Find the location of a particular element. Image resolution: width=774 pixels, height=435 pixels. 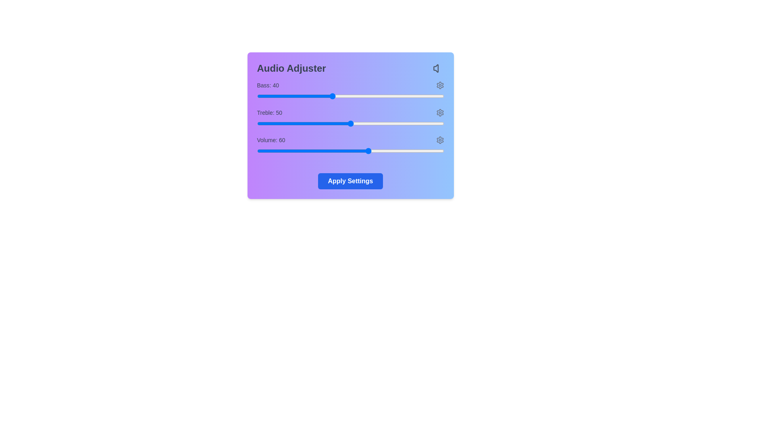

the volume level text label that displays '60', located in the bottom third of the gradient panel, to the left of the volume adjustment slider is located at coordinates (271, 139).